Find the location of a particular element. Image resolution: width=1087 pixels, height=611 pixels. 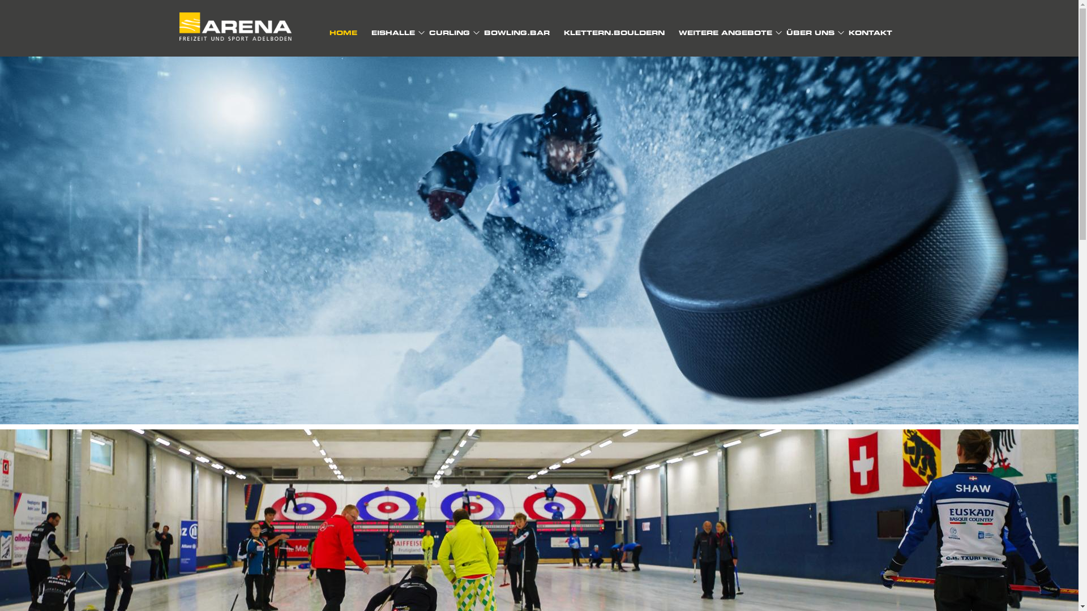

'WEITERE ANGEBOTE' is located at coordinates (725, 32).